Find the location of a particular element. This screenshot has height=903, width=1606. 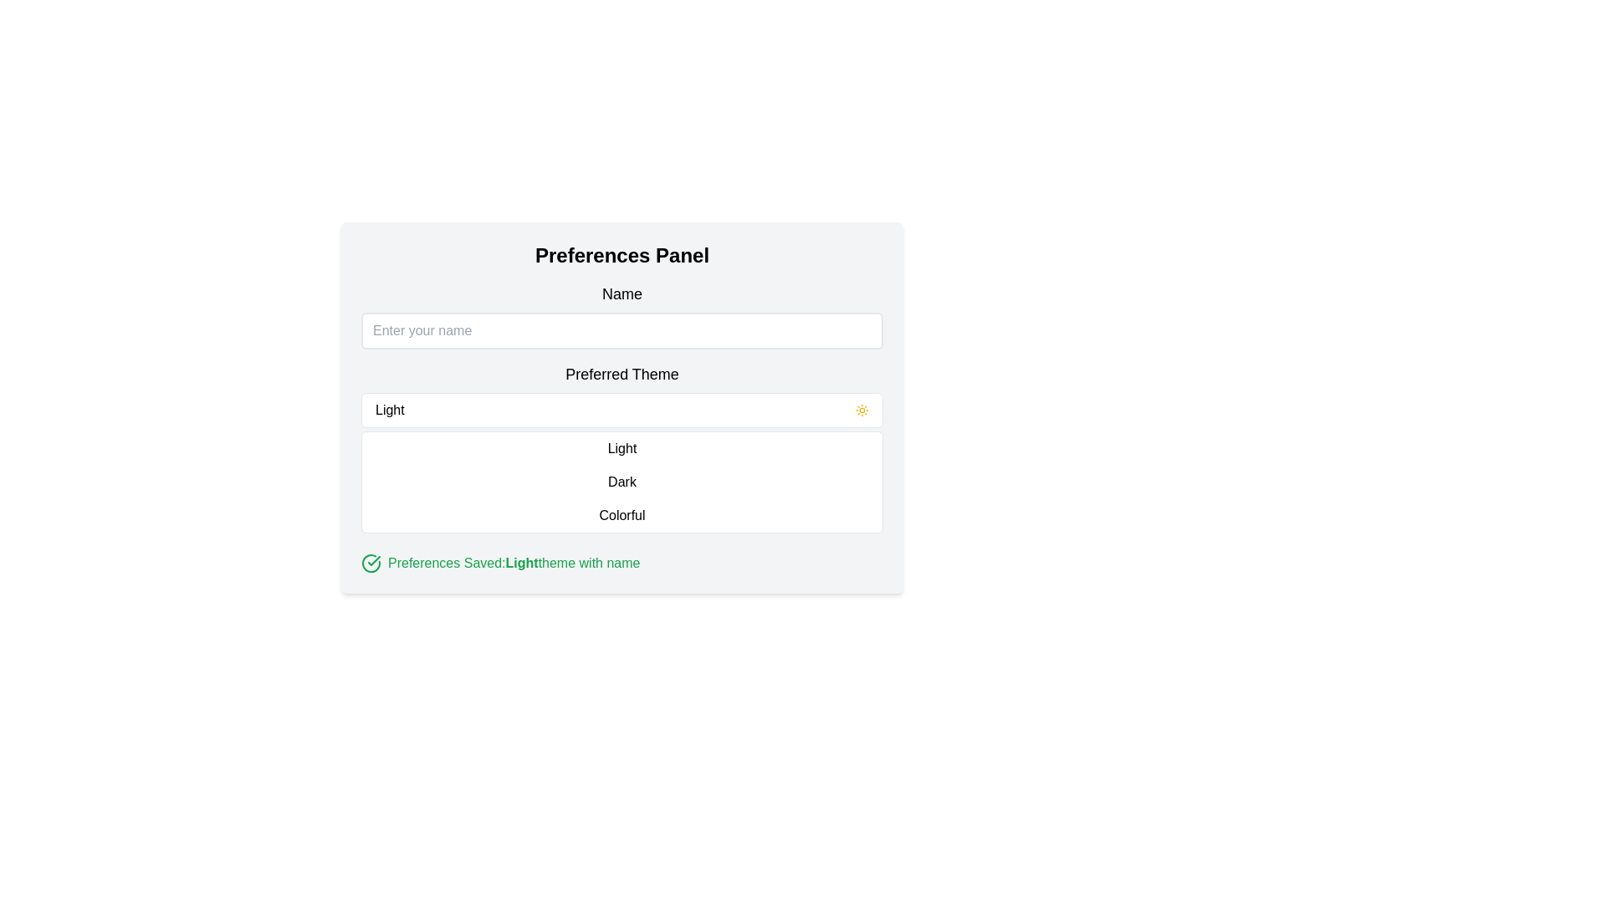

green checkmark icon indicating successful preferences saving located at the bottom left of the Preferences Panel interface, next to the 'Preferences Saved' message is located at coordinates (371, 564).